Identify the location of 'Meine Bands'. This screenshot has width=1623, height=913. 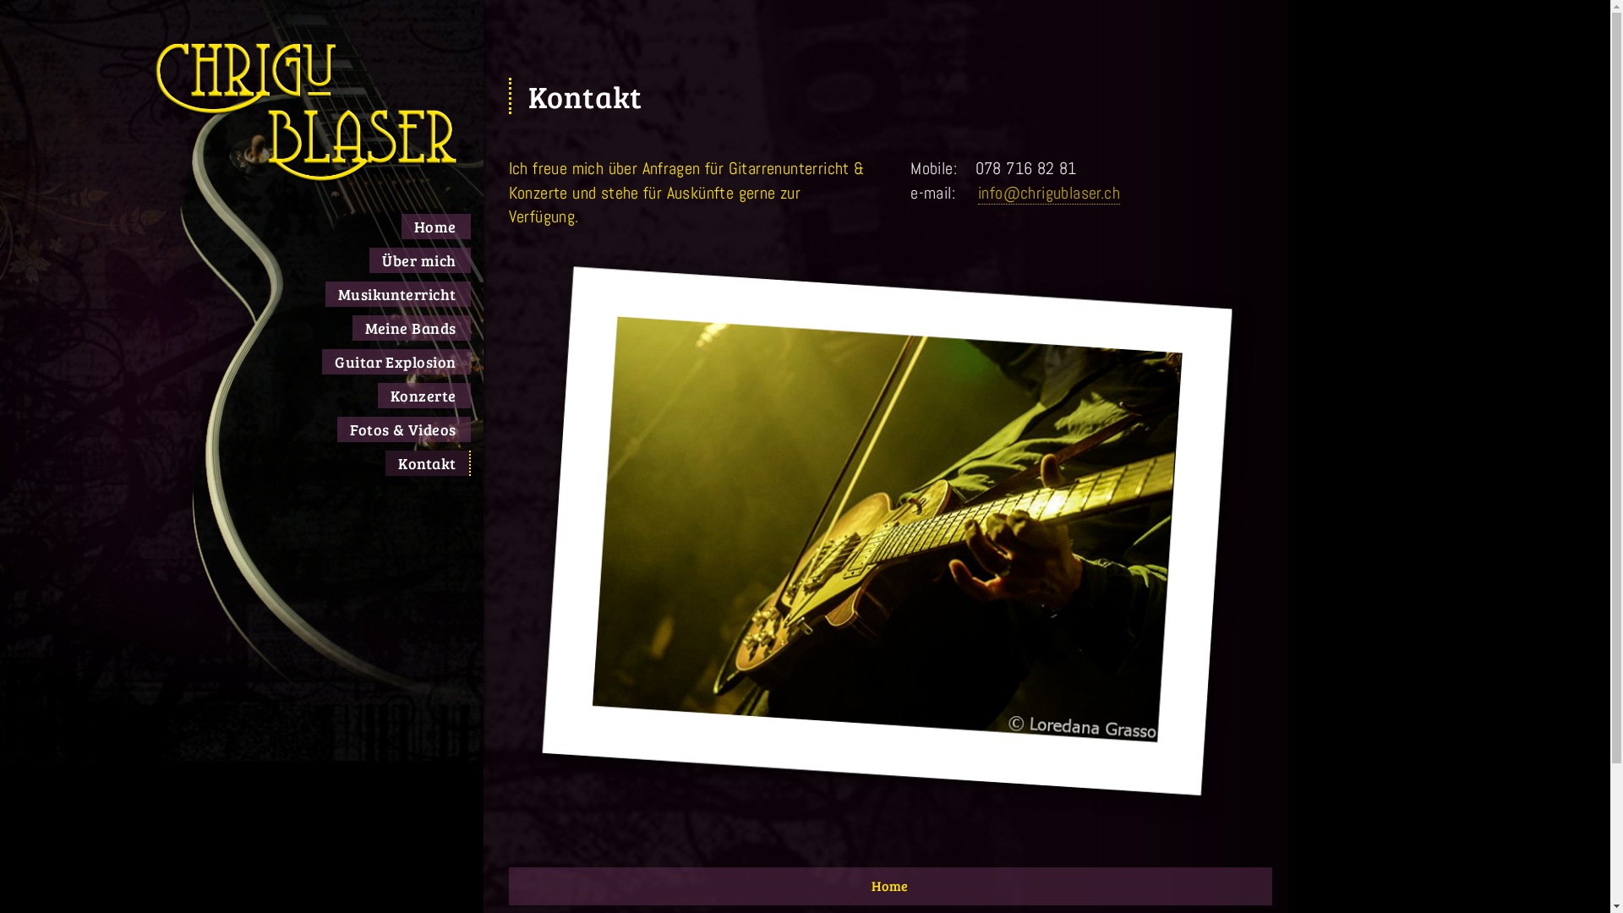
(411, 328).